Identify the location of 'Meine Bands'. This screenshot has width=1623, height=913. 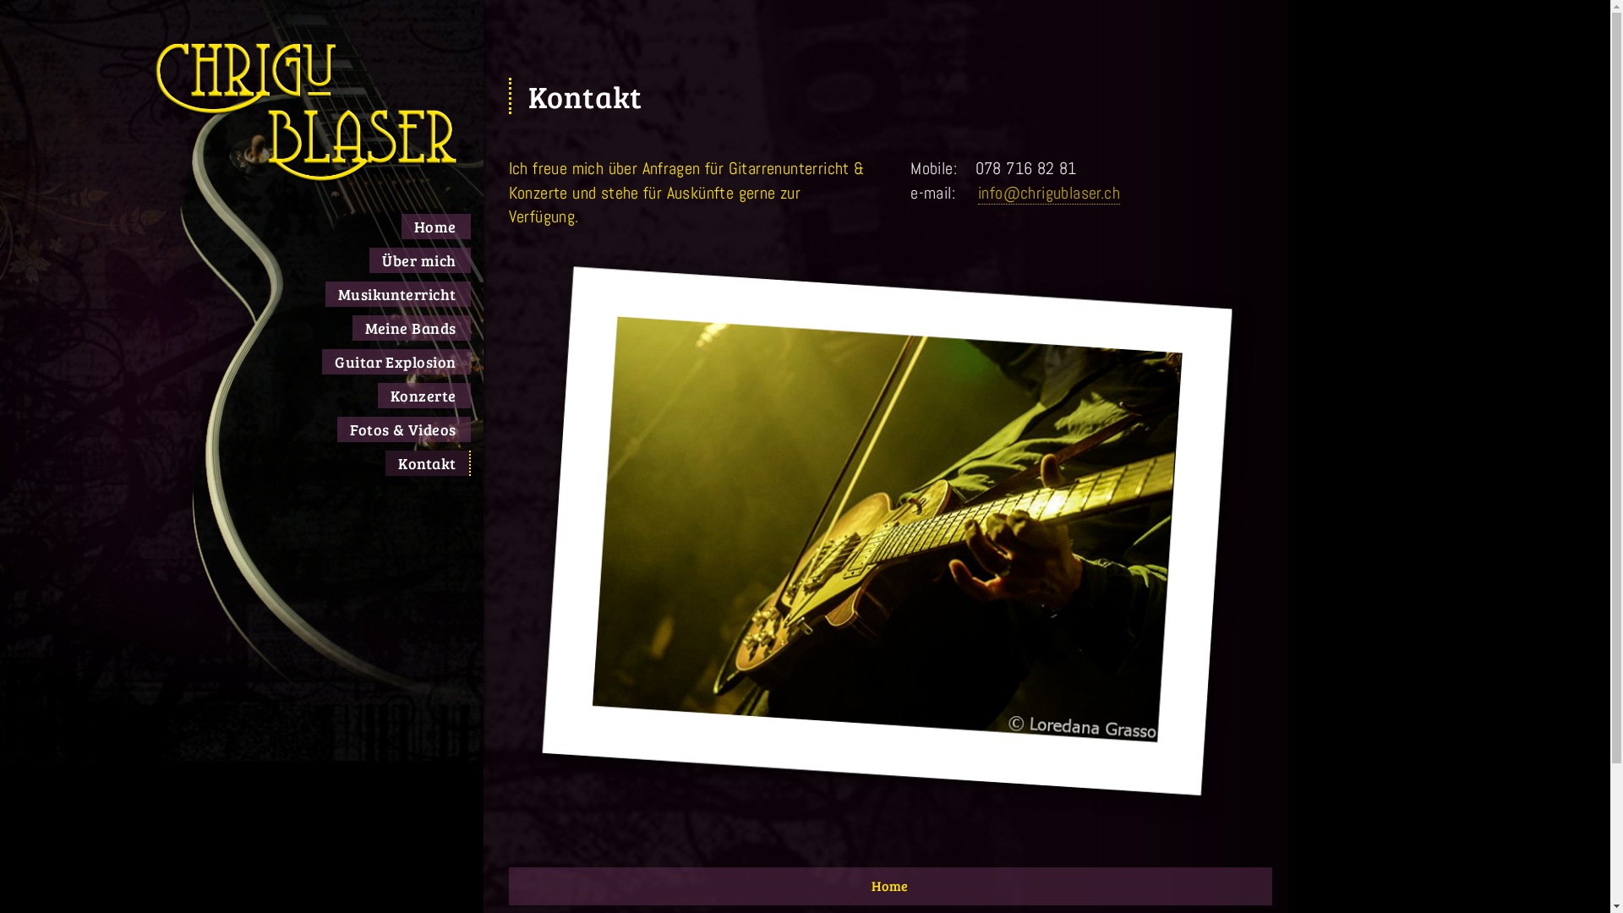
(411, 328).